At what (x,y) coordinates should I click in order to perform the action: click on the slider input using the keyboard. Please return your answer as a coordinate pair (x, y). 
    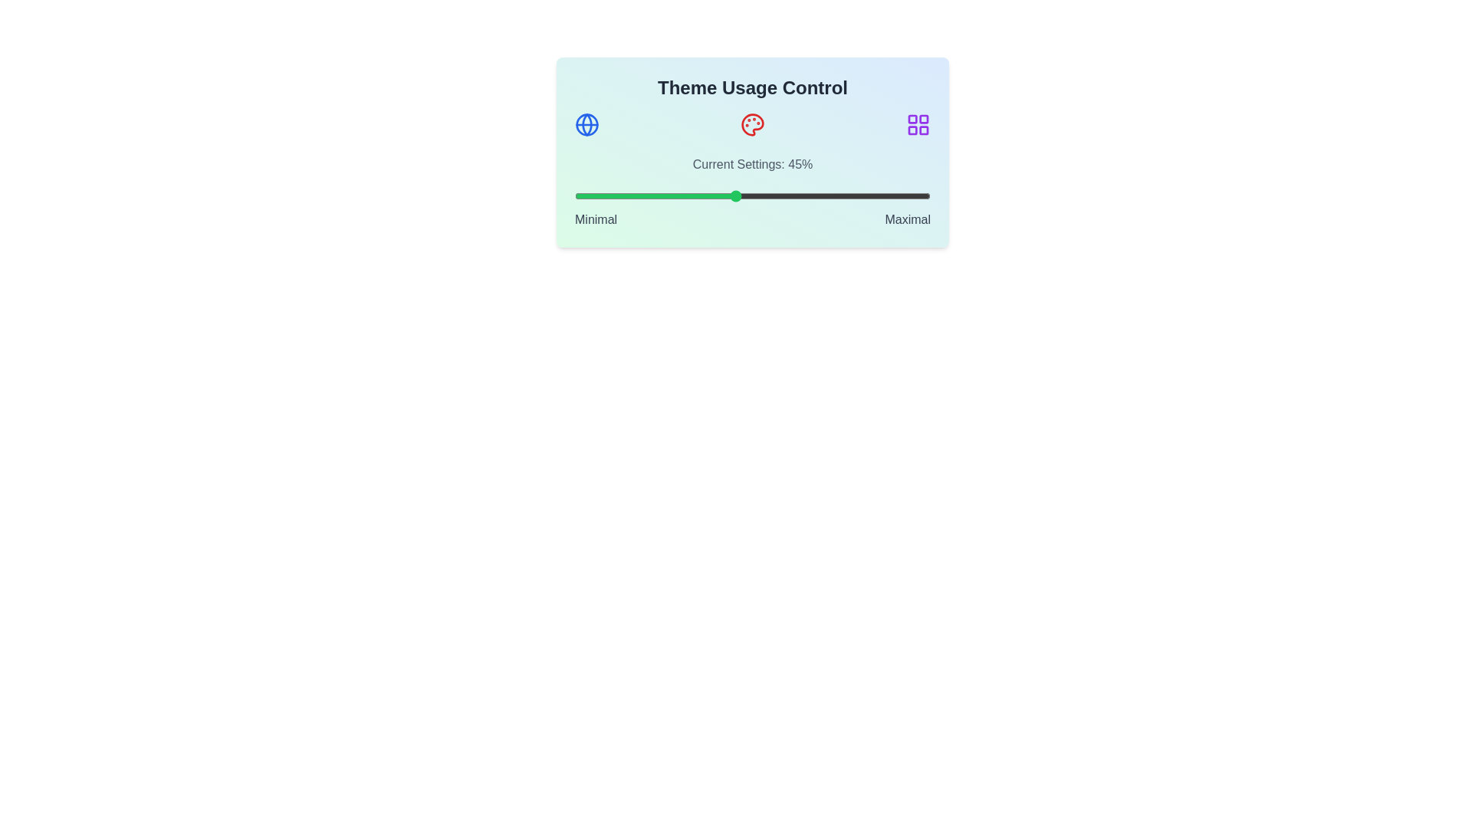
    Looking at the image, I should click on (753, 195).